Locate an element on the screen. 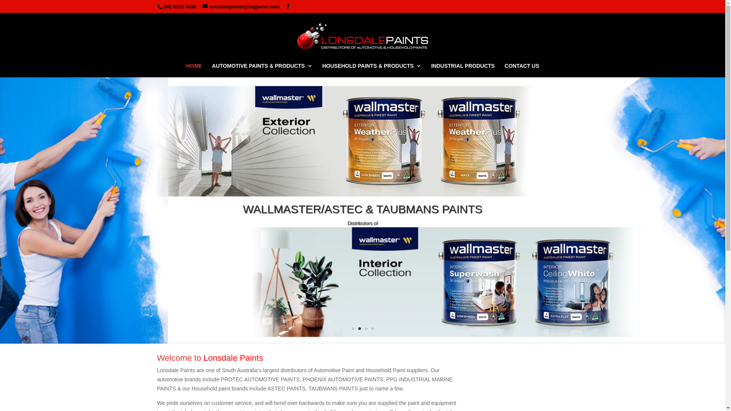 Image resolution: width=731 pixels, height=411 pixels. 'HOME' is located at coordinates (194, 70).